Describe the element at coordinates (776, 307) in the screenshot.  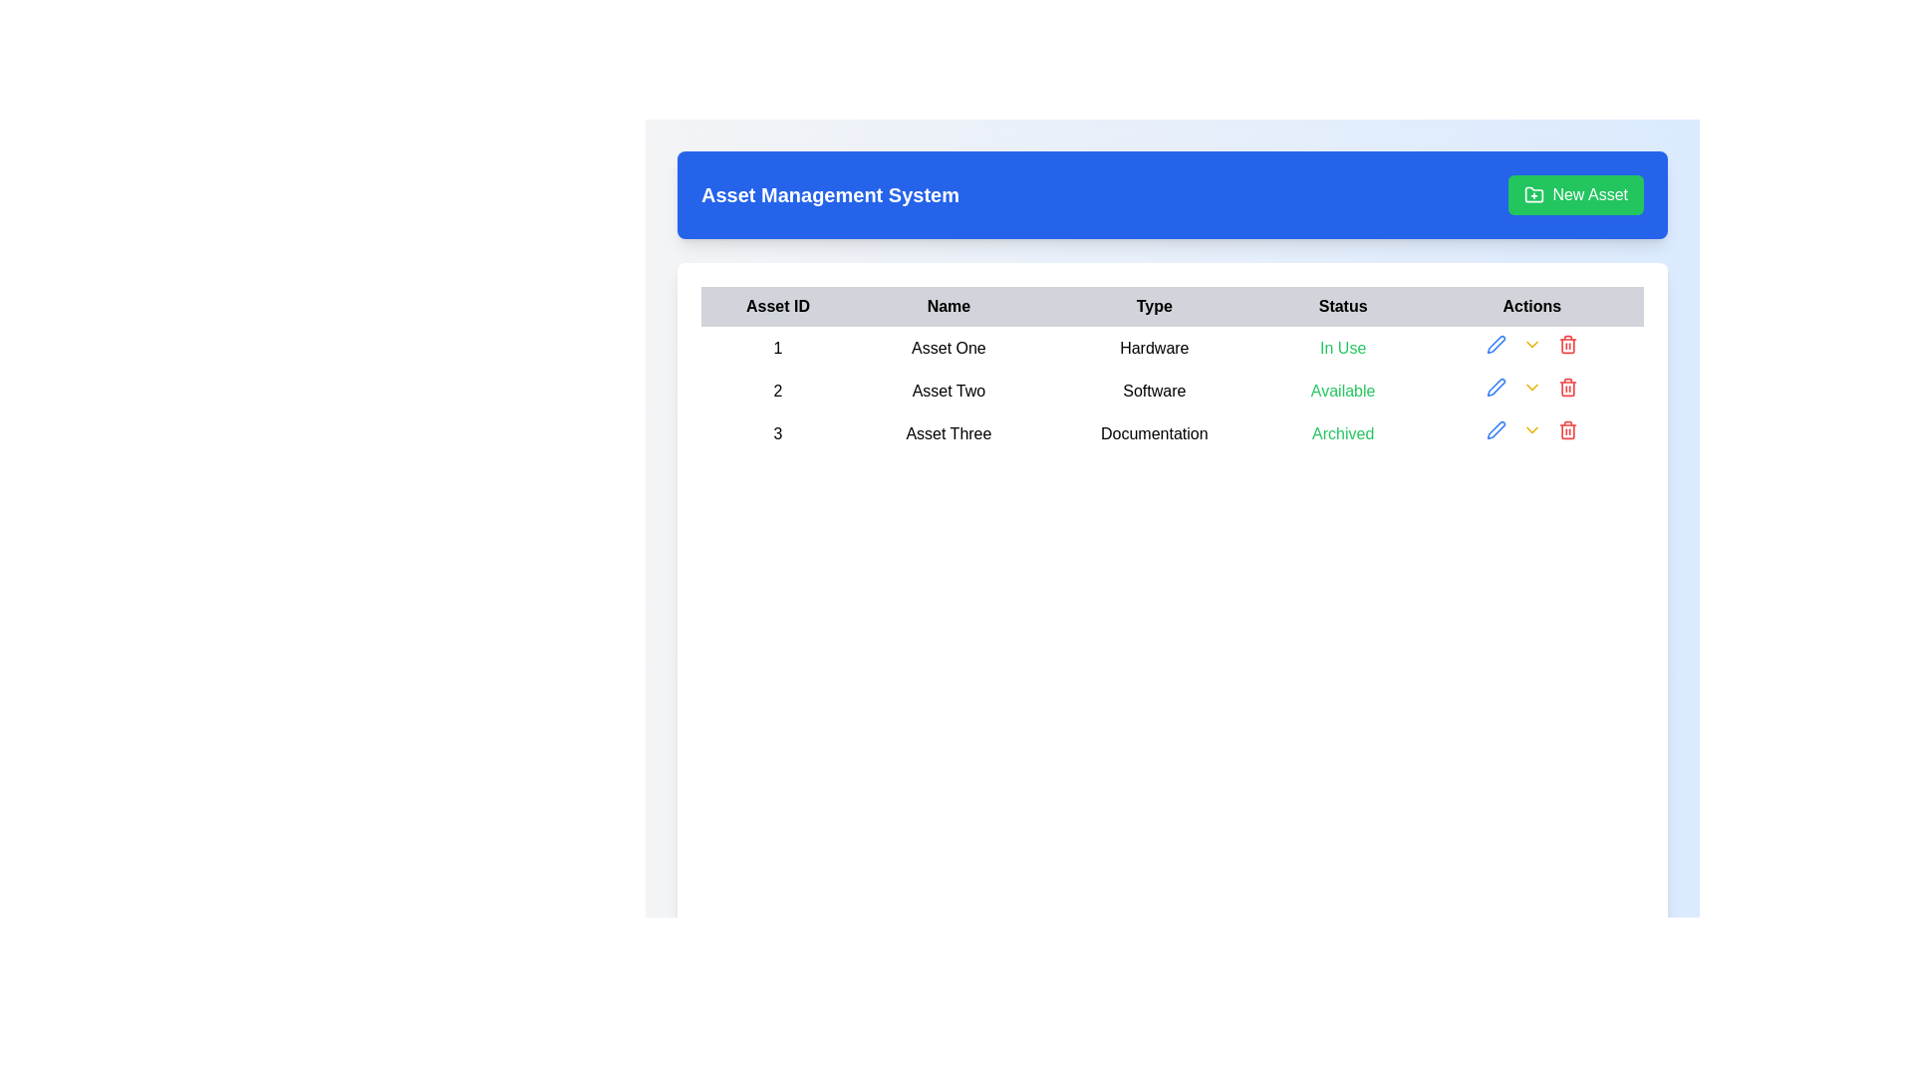
I see `the 'Asset ID' label, which is the first column header of a table displayed in bold, black font on a light gray background` at that location.